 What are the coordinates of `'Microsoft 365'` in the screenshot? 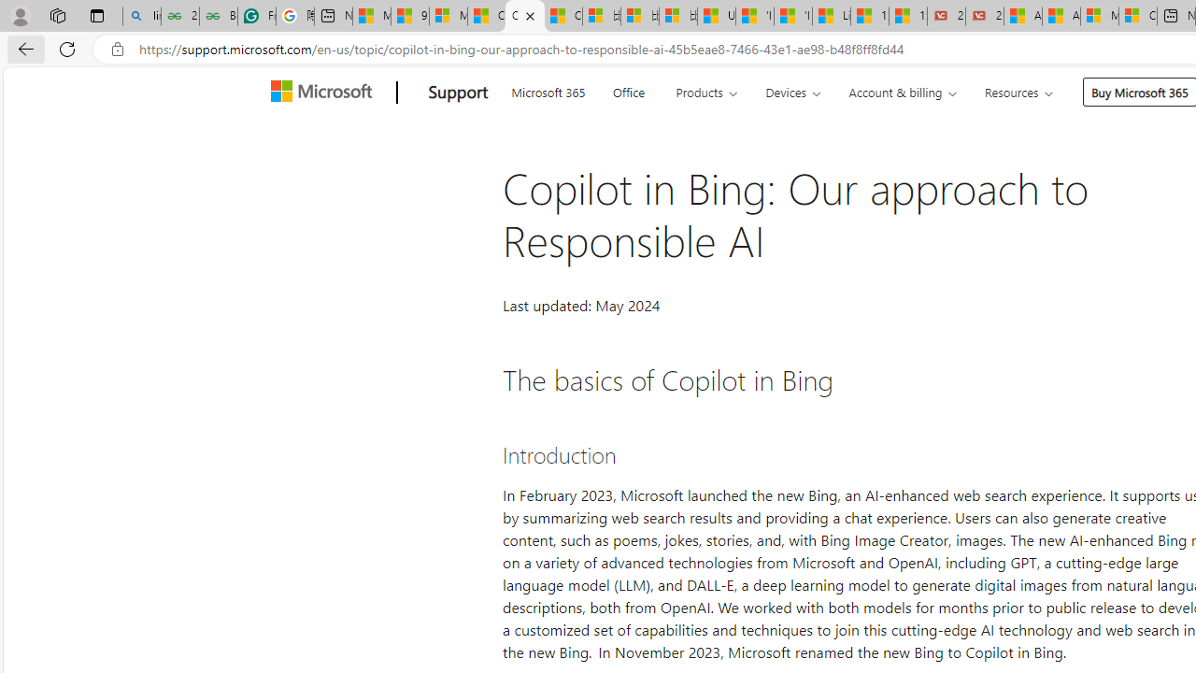 It's located at (547, 90).